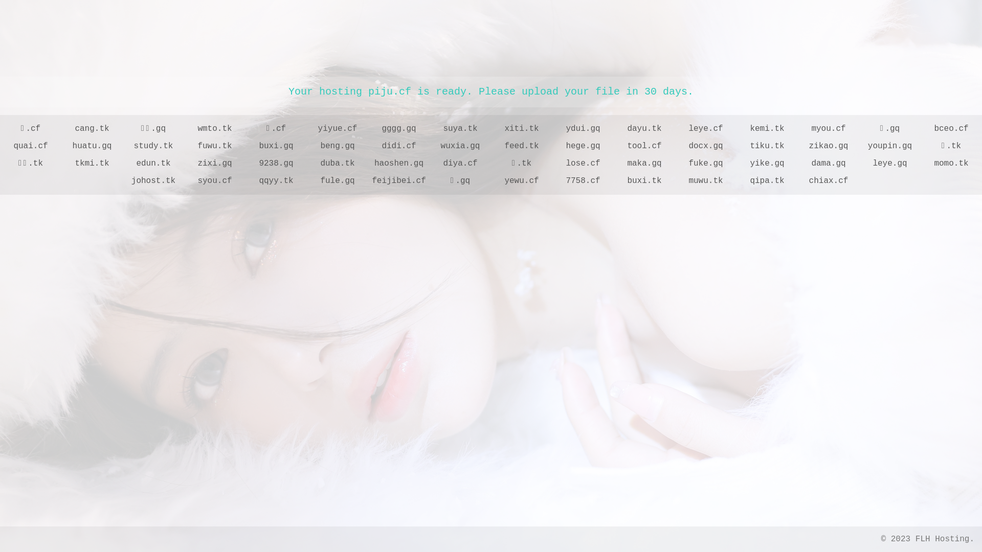 The image size is (982, 552). I want to click on 'docx.gq', so click(705, 146).